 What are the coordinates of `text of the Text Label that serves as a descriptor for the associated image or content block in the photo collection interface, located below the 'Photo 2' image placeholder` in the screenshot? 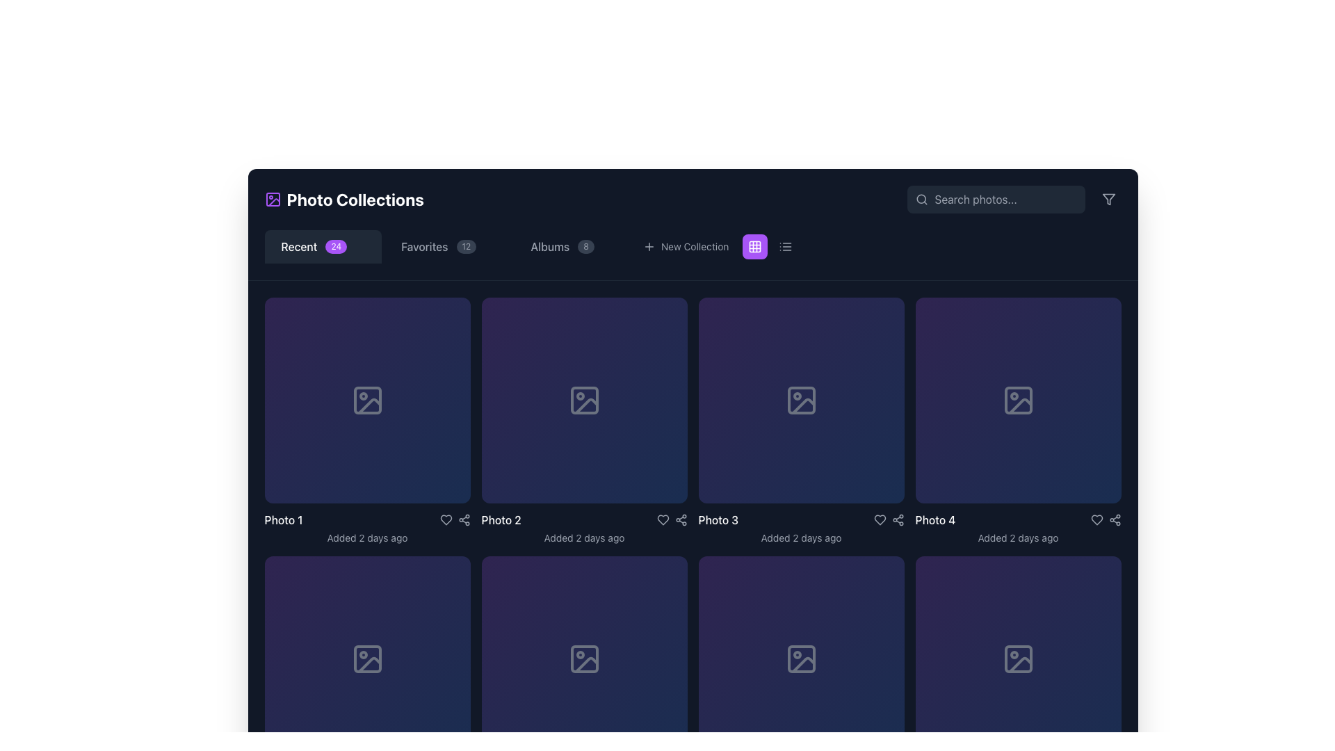 It's located at (501, 520).